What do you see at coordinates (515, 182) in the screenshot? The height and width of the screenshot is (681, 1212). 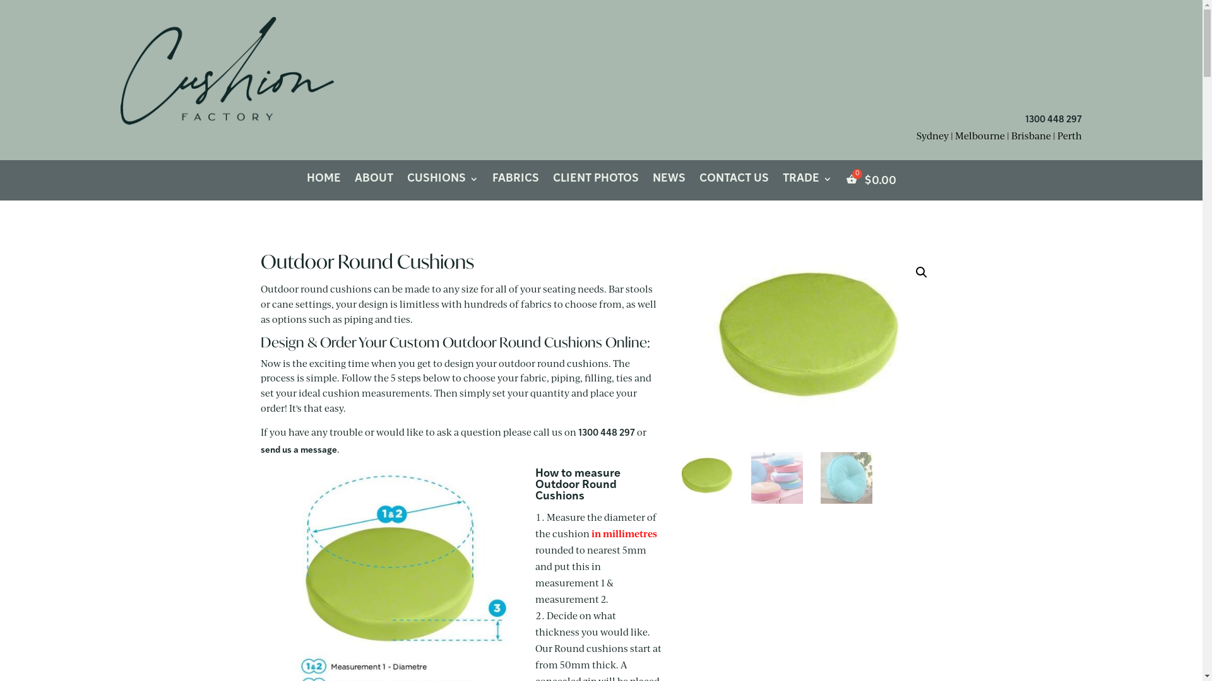 I see `'FABRICS'` at bounding box center [515, 182].